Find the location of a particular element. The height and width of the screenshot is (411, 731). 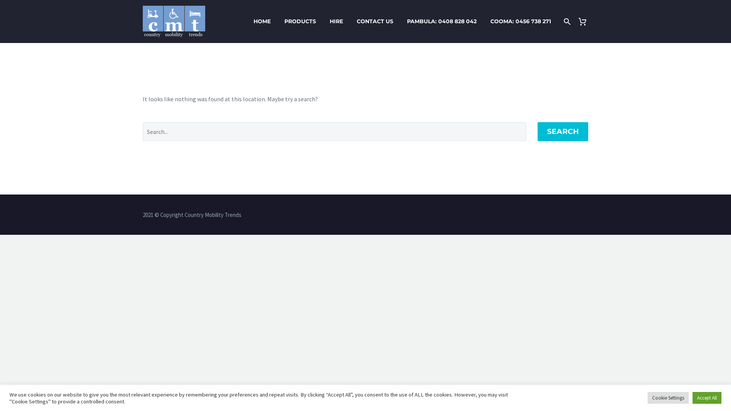

'PAMBULA: 0408 828 042' is located at coordinates (401, 21).